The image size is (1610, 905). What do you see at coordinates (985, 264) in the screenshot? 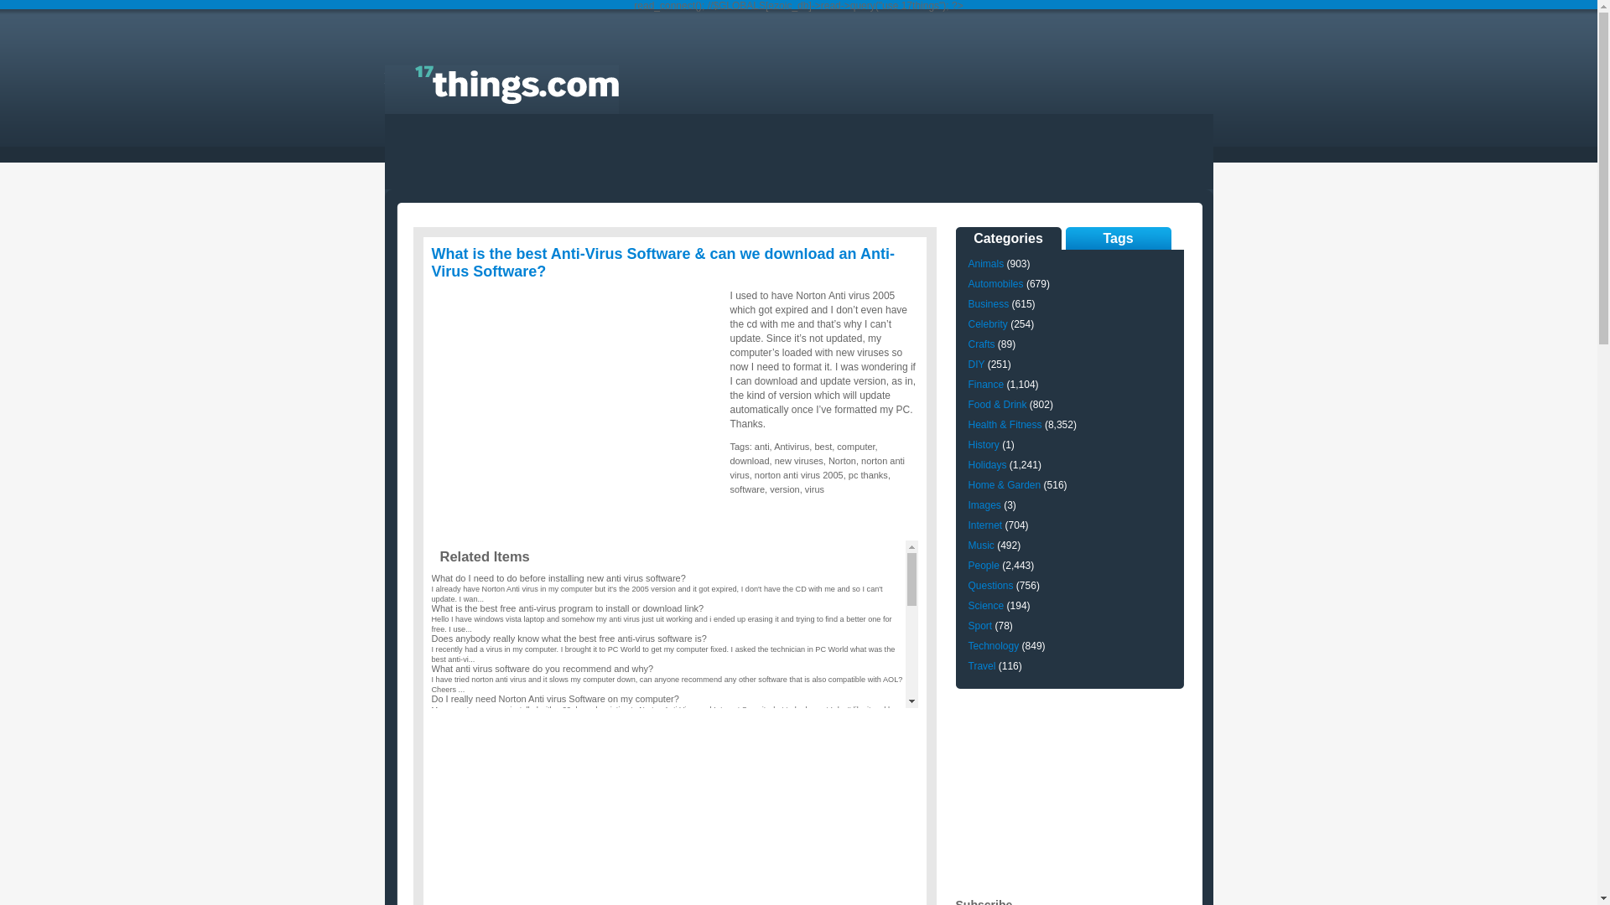
I see `'Animals'` at bounding box center [985, 264].